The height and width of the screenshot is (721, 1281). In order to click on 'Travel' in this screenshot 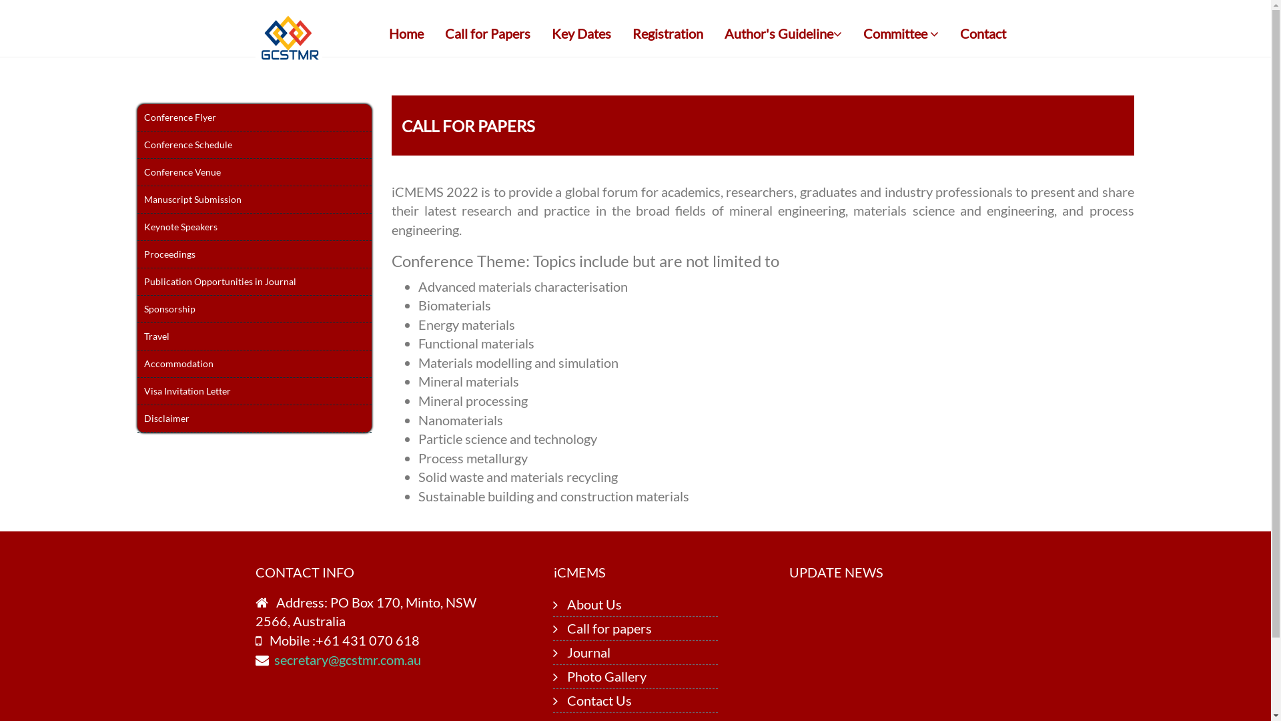, I will do `click(254, 336)`.